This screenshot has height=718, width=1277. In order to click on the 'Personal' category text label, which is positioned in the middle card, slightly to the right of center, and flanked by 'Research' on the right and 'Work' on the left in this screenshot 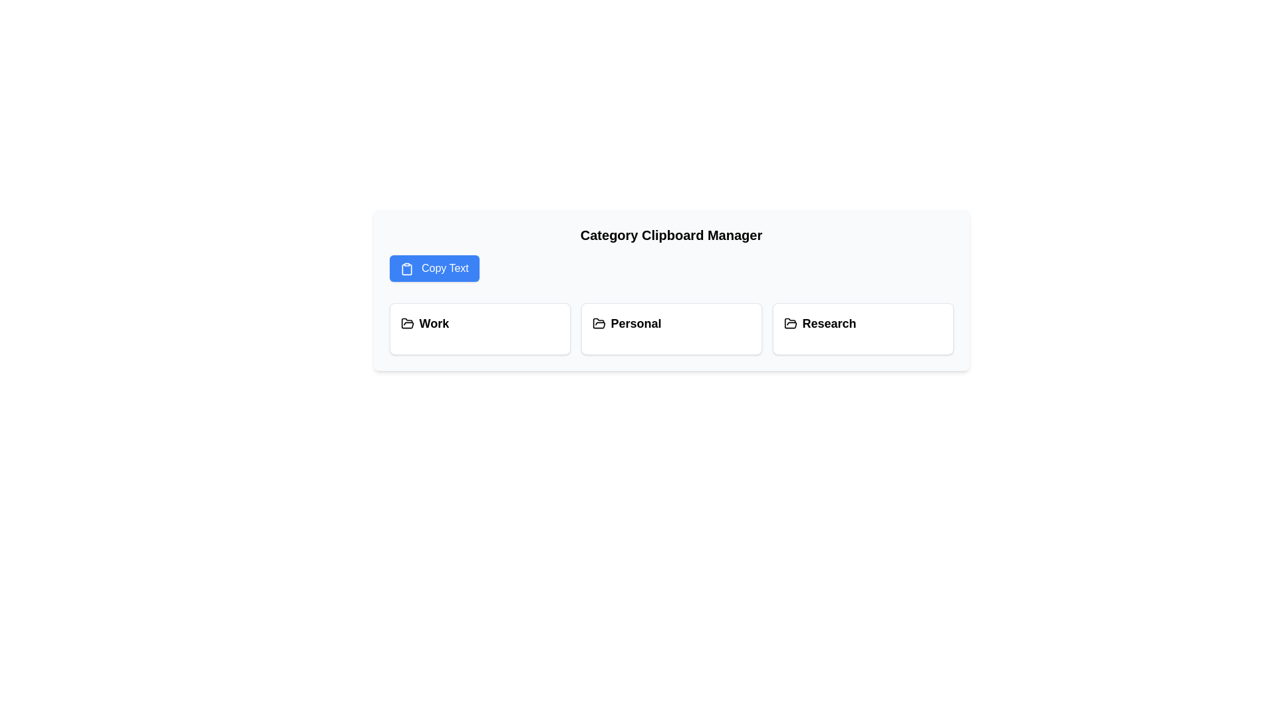, I will do `click(635, 323)`.